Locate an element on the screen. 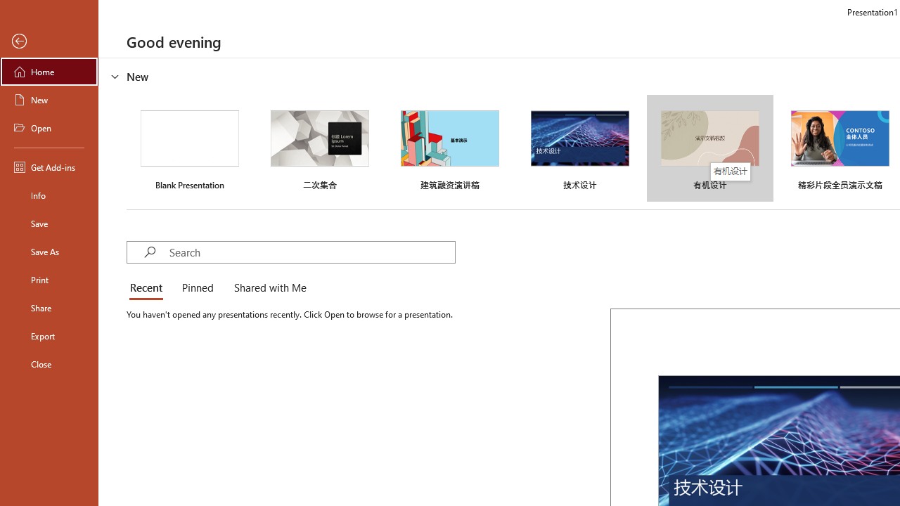  'Shared with Me' is located at coordinates (267, 288).